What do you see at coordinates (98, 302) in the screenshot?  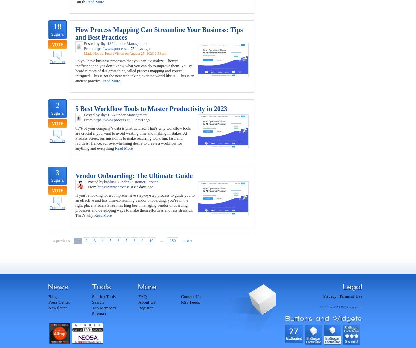 I see `'Search'` at bounding box center [98, 302].